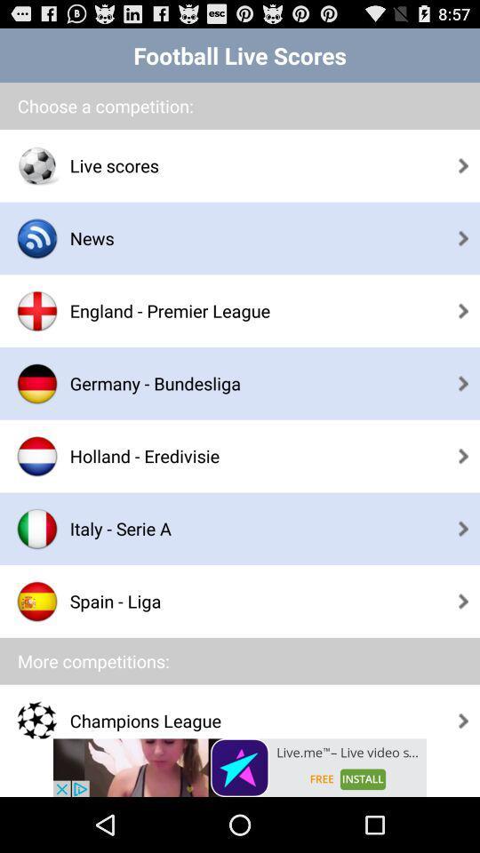  Describe the element at coordinates (37, 455) in the screenshot. I see `symbol next to holland  eredivisie` at that location.